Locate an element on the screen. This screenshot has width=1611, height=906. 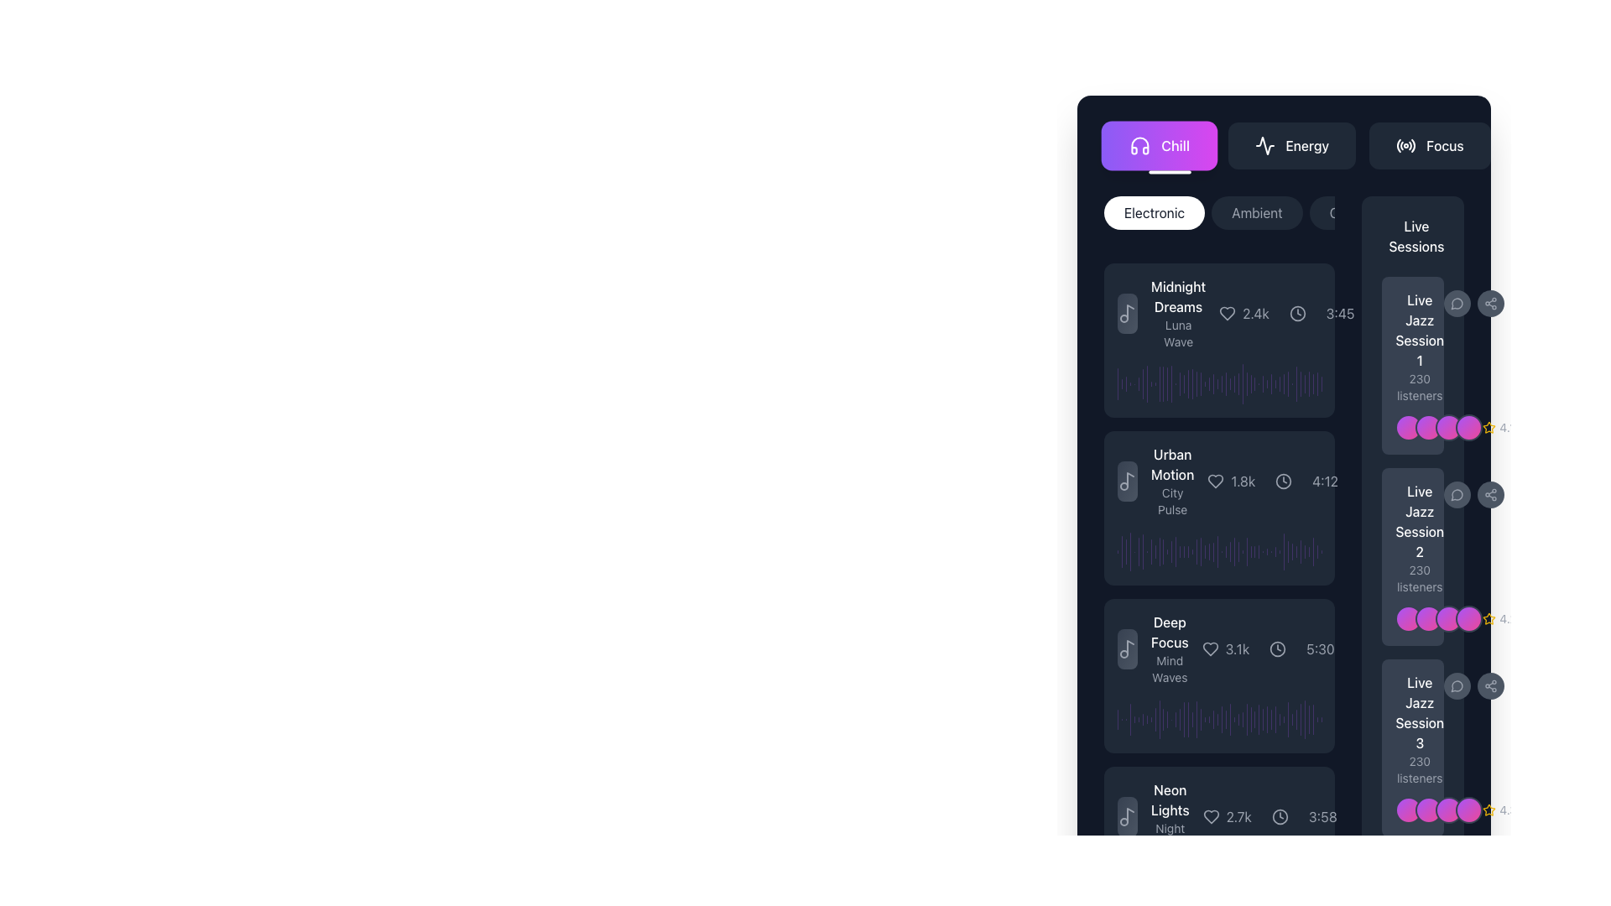
the share button for 'Live Jazz Session 2', which is the second button in a vertical list of circular buttons on the right side is located at coordinates (1491, 494).